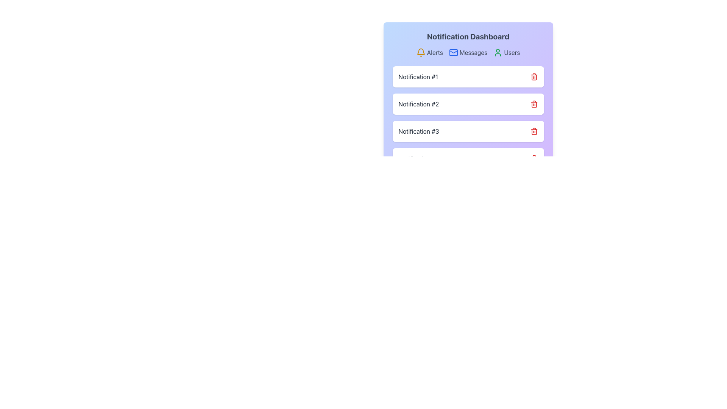 The image size is (727, 409). What do you see at coordinates (429, 52) in the screenshot?
I see `the navigation item representing the alerts section located beneath the 'Notification Dashboard' header` at bounding box center [429, 52].